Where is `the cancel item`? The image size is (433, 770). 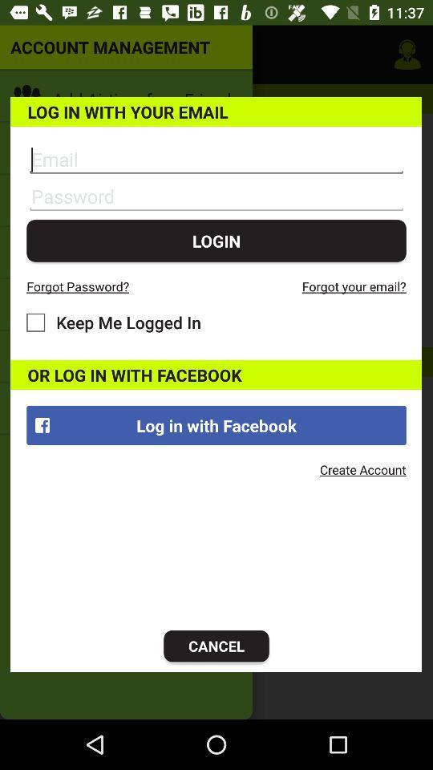
the cancel item is located at coordinates (216, 646).